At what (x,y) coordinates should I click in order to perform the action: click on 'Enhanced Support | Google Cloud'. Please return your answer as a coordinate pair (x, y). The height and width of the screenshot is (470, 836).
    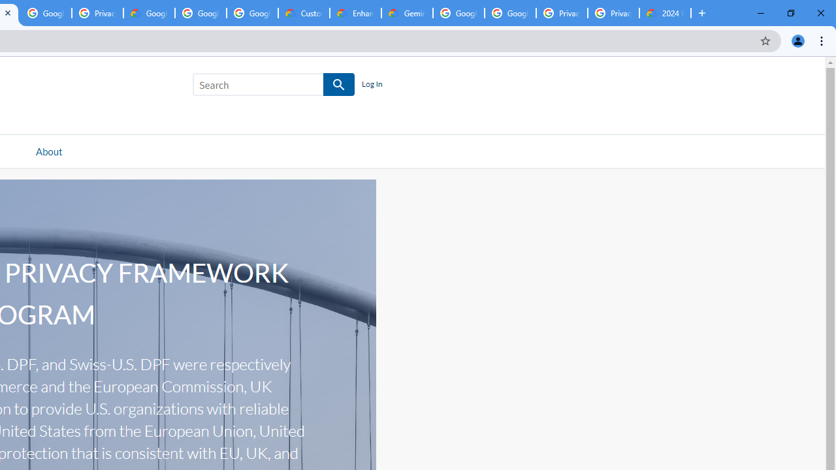
    Looking at the image, I should click on (355, 13).